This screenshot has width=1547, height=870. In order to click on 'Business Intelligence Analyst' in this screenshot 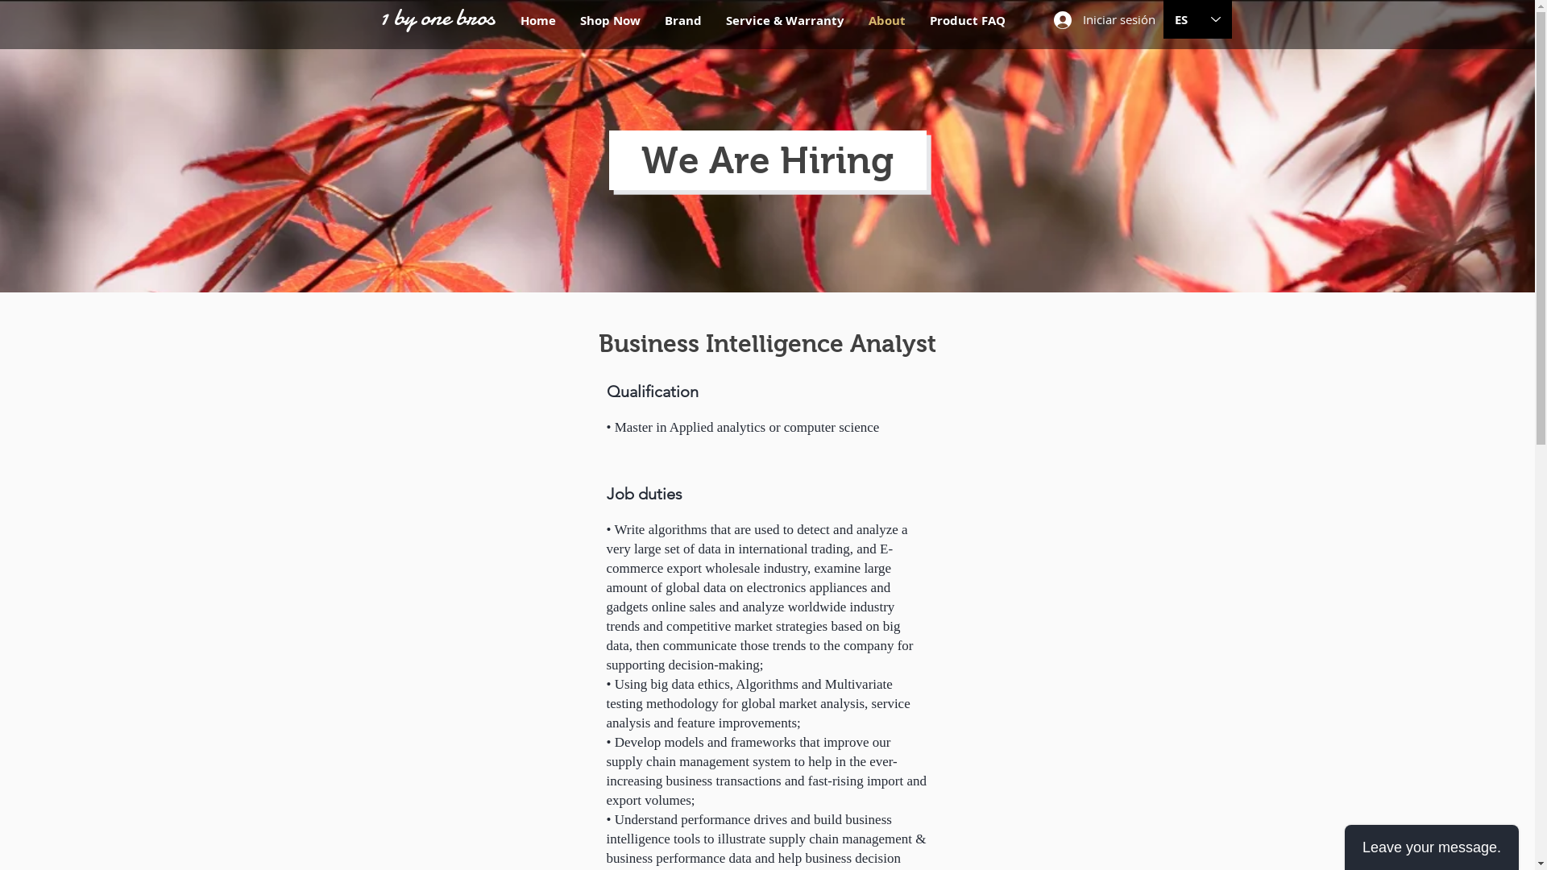, I will do `click(766, 342)`.